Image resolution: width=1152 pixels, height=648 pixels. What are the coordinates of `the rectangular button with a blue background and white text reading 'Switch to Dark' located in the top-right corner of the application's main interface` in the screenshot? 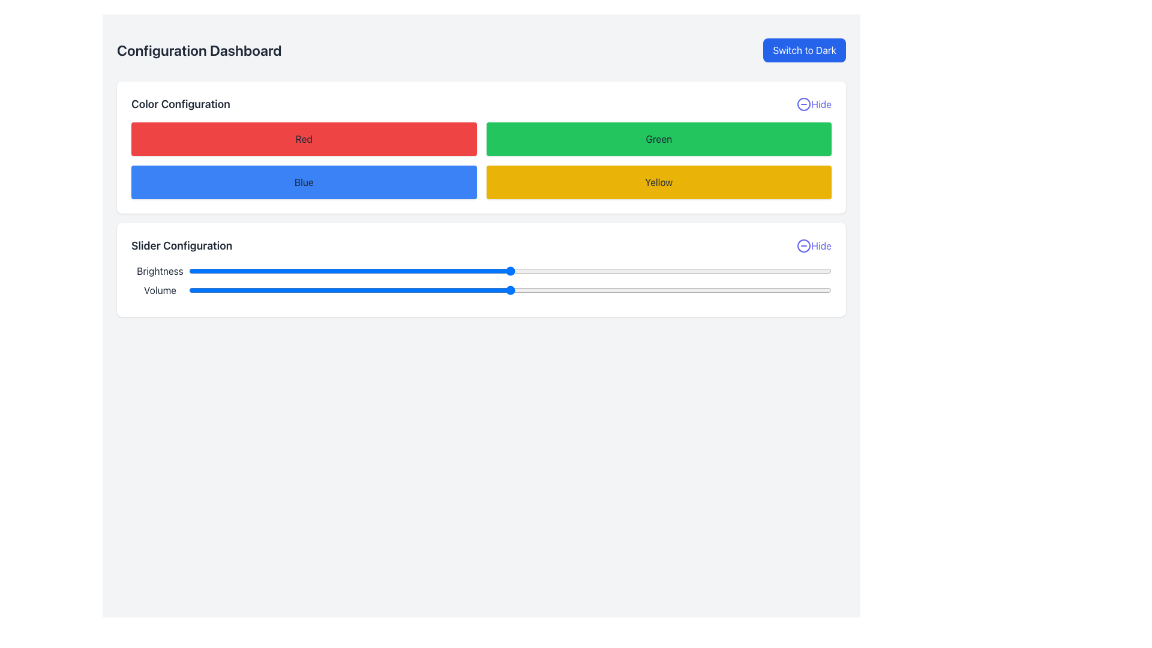 It's located at (805, 50).